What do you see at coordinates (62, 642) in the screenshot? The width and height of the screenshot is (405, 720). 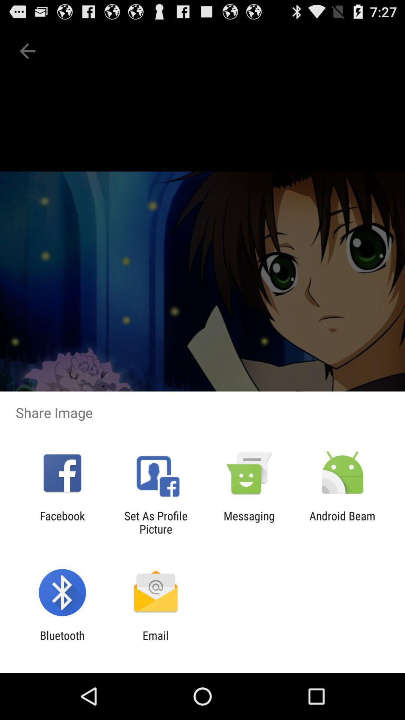 I see `icon to the left of email icon` at bounding box center [62, 642].